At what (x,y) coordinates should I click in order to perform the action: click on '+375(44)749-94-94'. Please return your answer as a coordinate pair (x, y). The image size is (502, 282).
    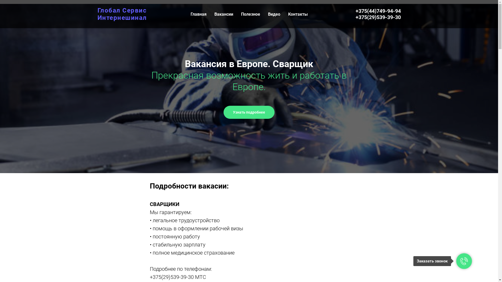
    Looking at the image, I should click on (378, 11).